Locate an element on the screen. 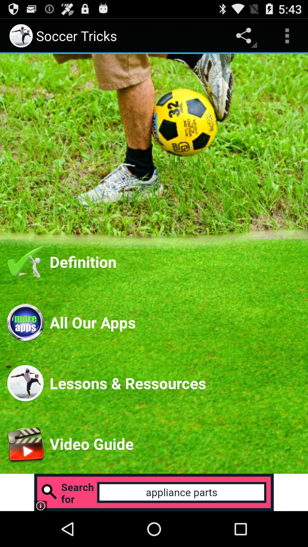 The width and height of the screenshot is (308, 547). item above video guide app is located at coordinates (175, 383).